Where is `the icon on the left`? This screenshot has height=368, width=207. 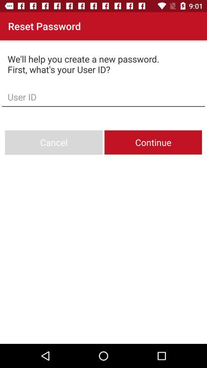 the icon on the left is located at coordinates (53, 142).